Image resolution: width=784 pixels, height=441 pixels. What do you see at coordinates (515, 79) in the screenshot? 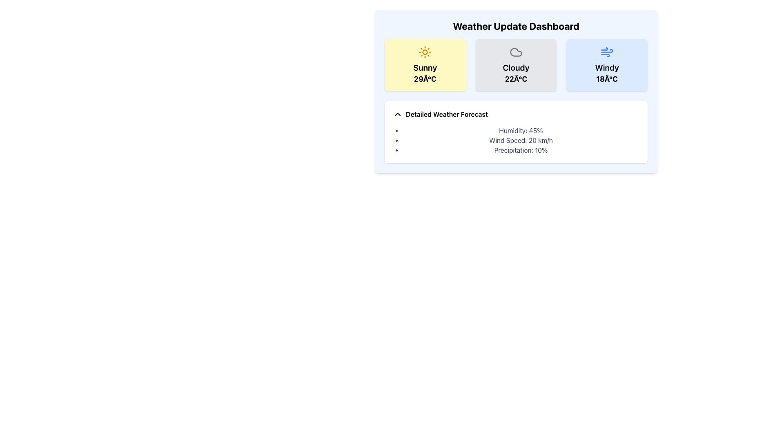
I see `the text label displaying '22Â°C' in bold font, located within the 'Cloudy' weather information card, positioned centrally below the 'Cloudy' label` at bounding box center [515, 79].